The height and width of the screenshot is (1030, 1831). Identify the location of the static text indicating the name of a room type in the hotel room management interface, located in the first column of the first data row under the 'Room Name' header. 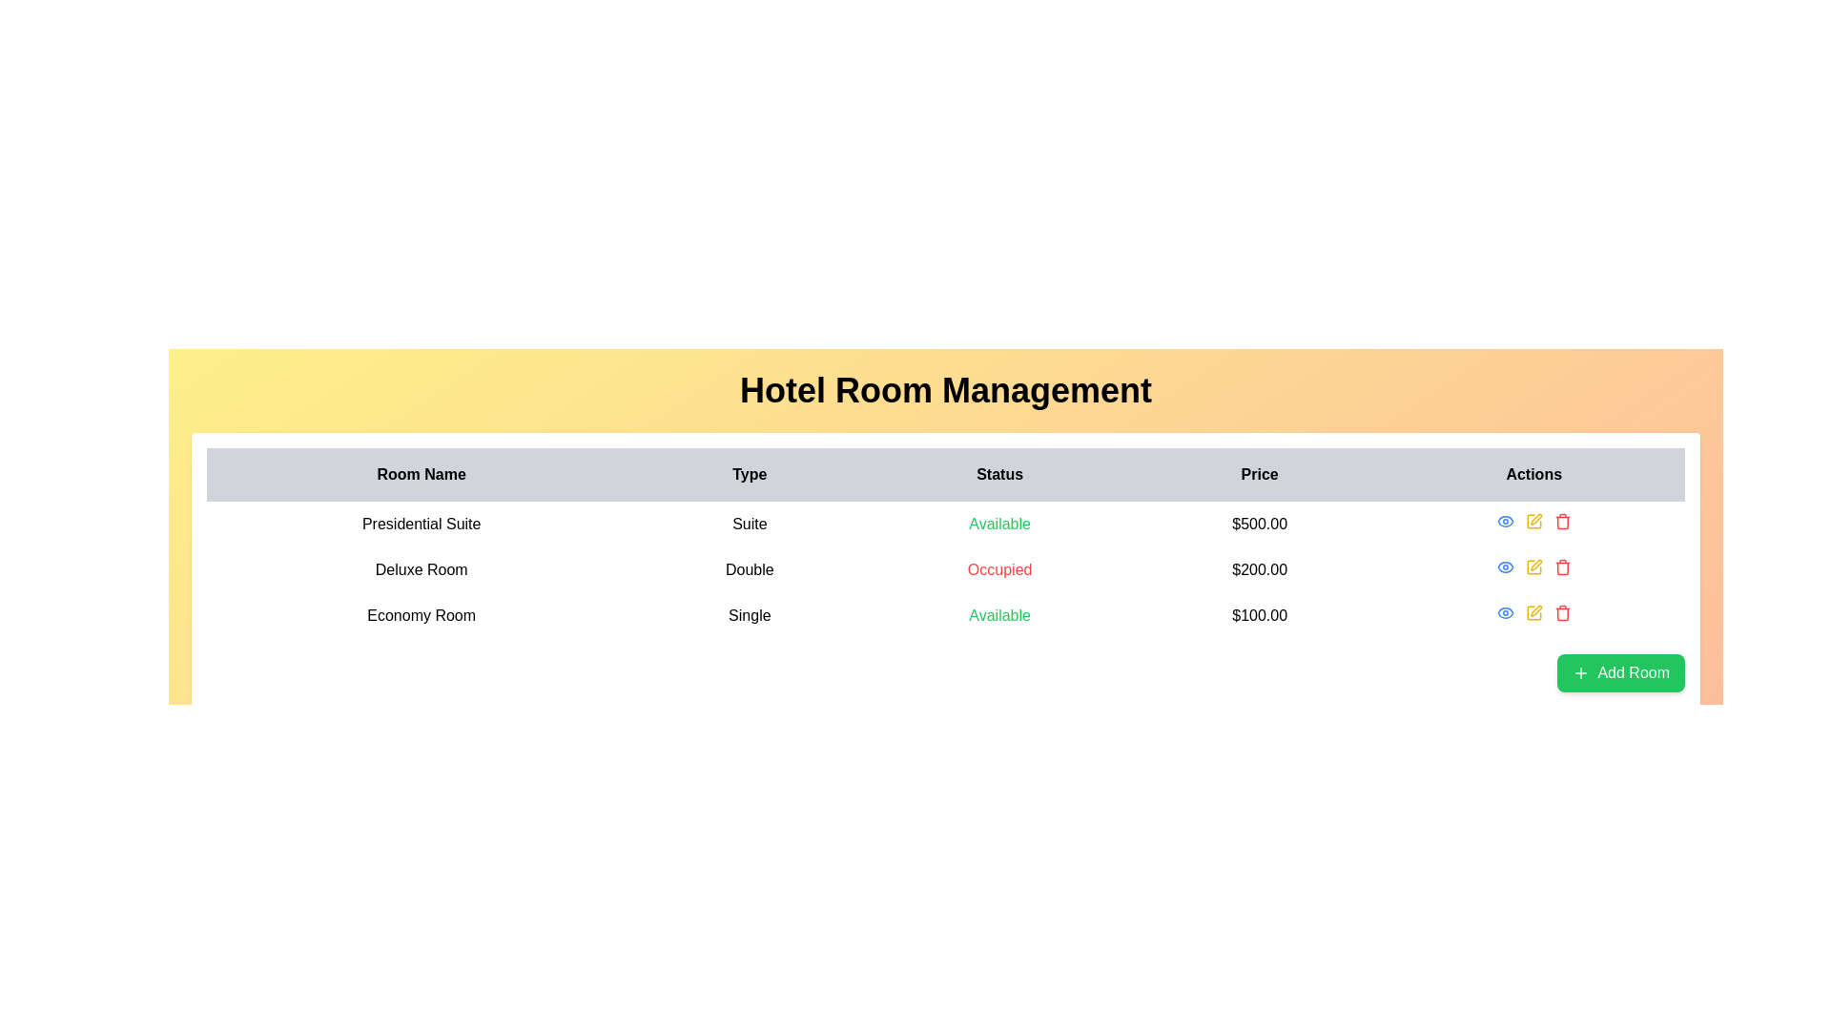
(421, 525).